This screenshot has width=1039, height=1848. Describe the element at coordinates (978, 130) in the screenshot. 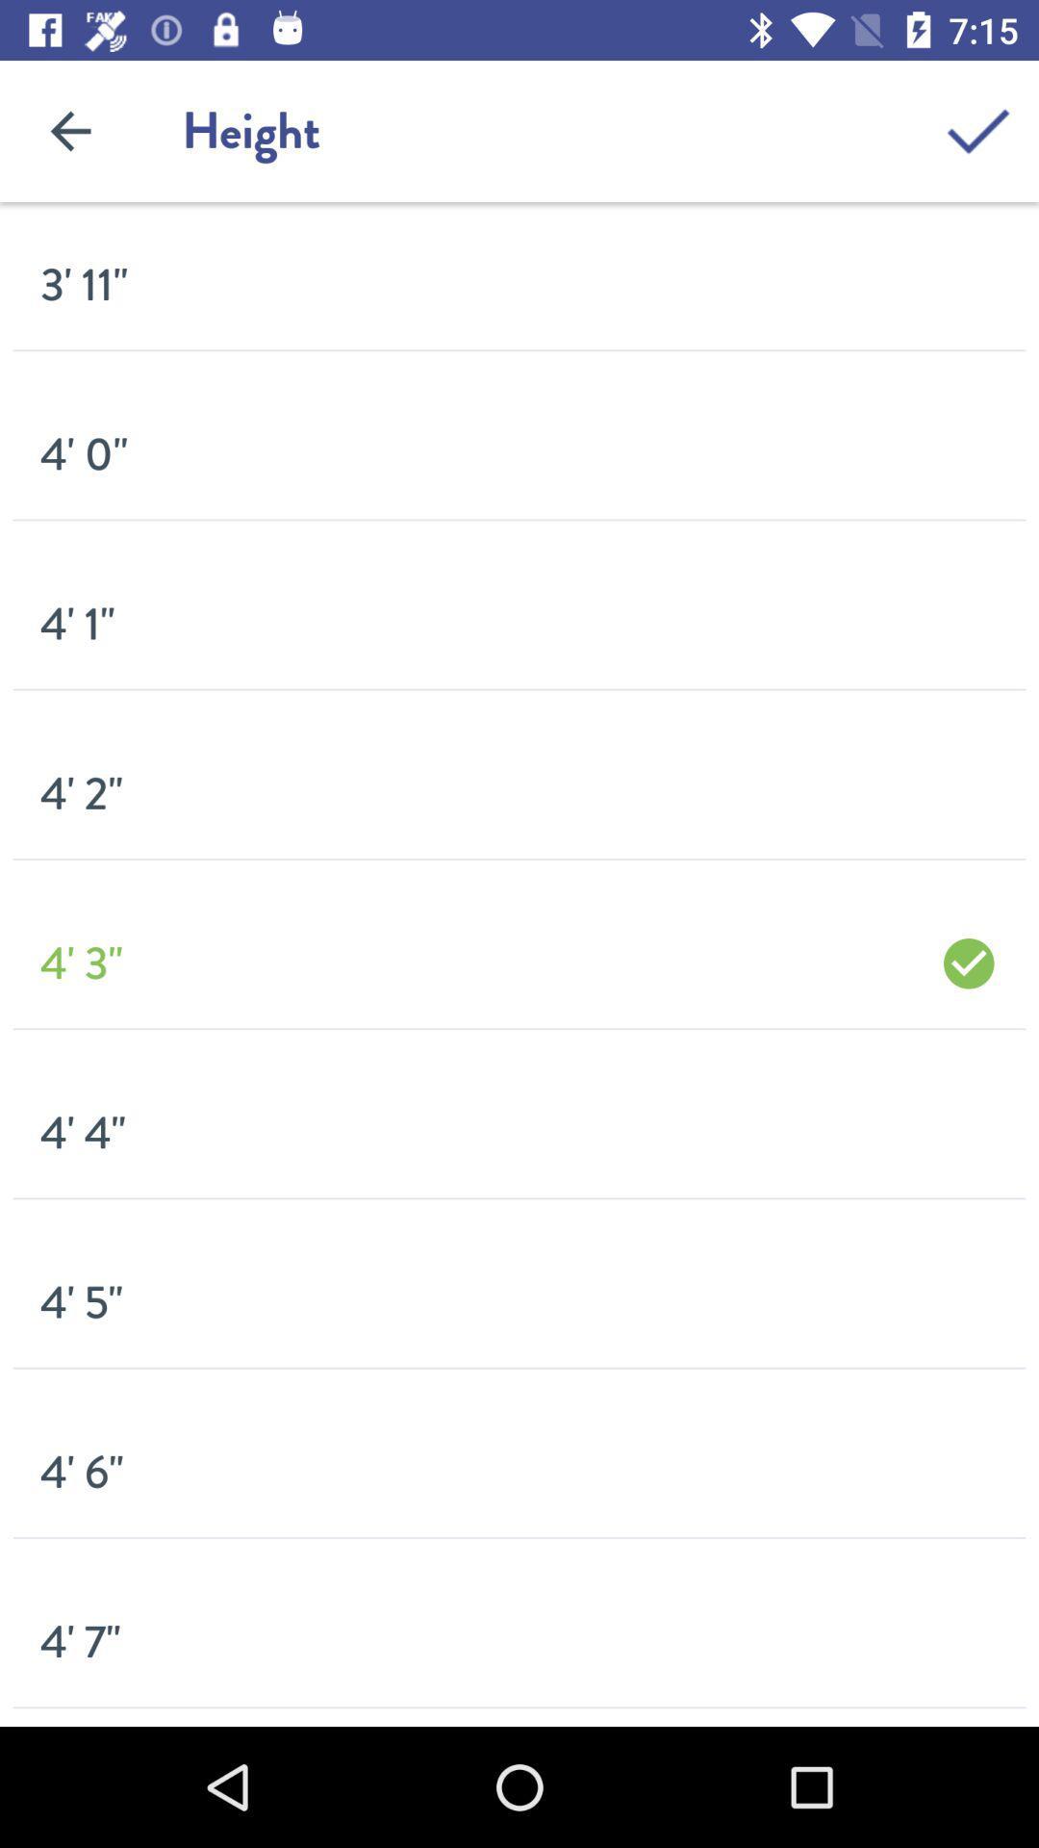

I see `the item at the top right corner` at that location.